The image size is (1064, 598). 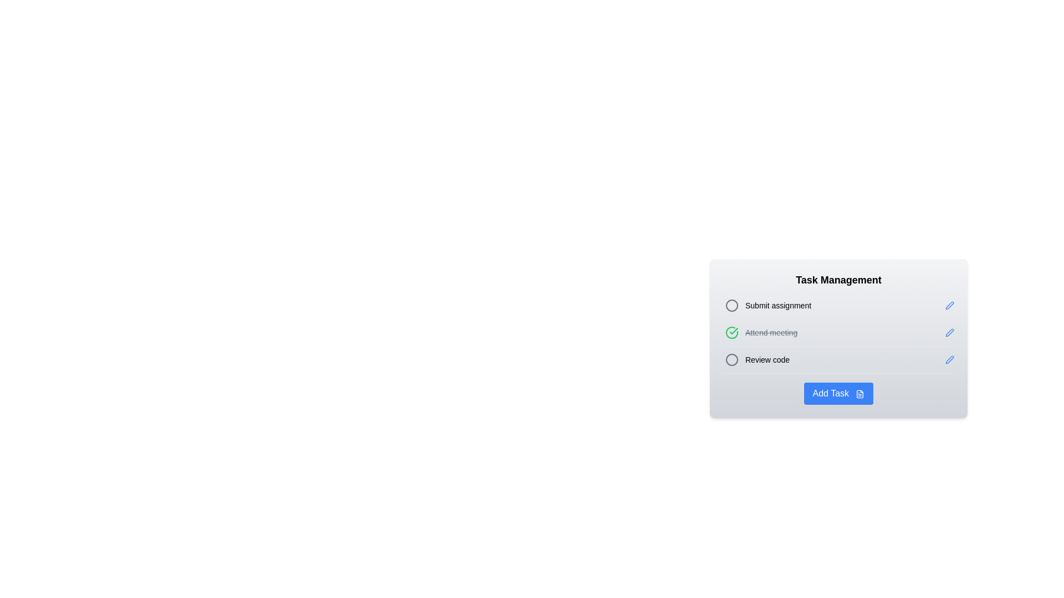 I want to click on the icon design of the pen graphic located near the task 'Attend meeting' in the task management interface, so click(x=949, y=305).